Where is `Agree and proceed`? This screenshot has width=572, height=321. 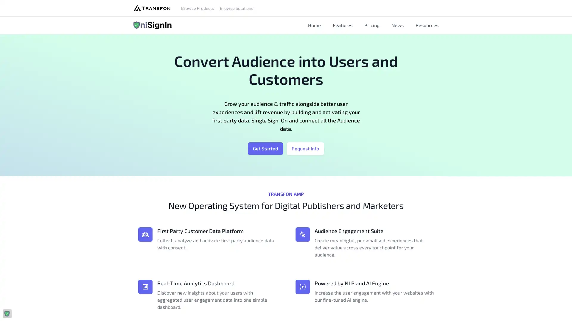
Agree and proceed is located at coordinates (107, 310).